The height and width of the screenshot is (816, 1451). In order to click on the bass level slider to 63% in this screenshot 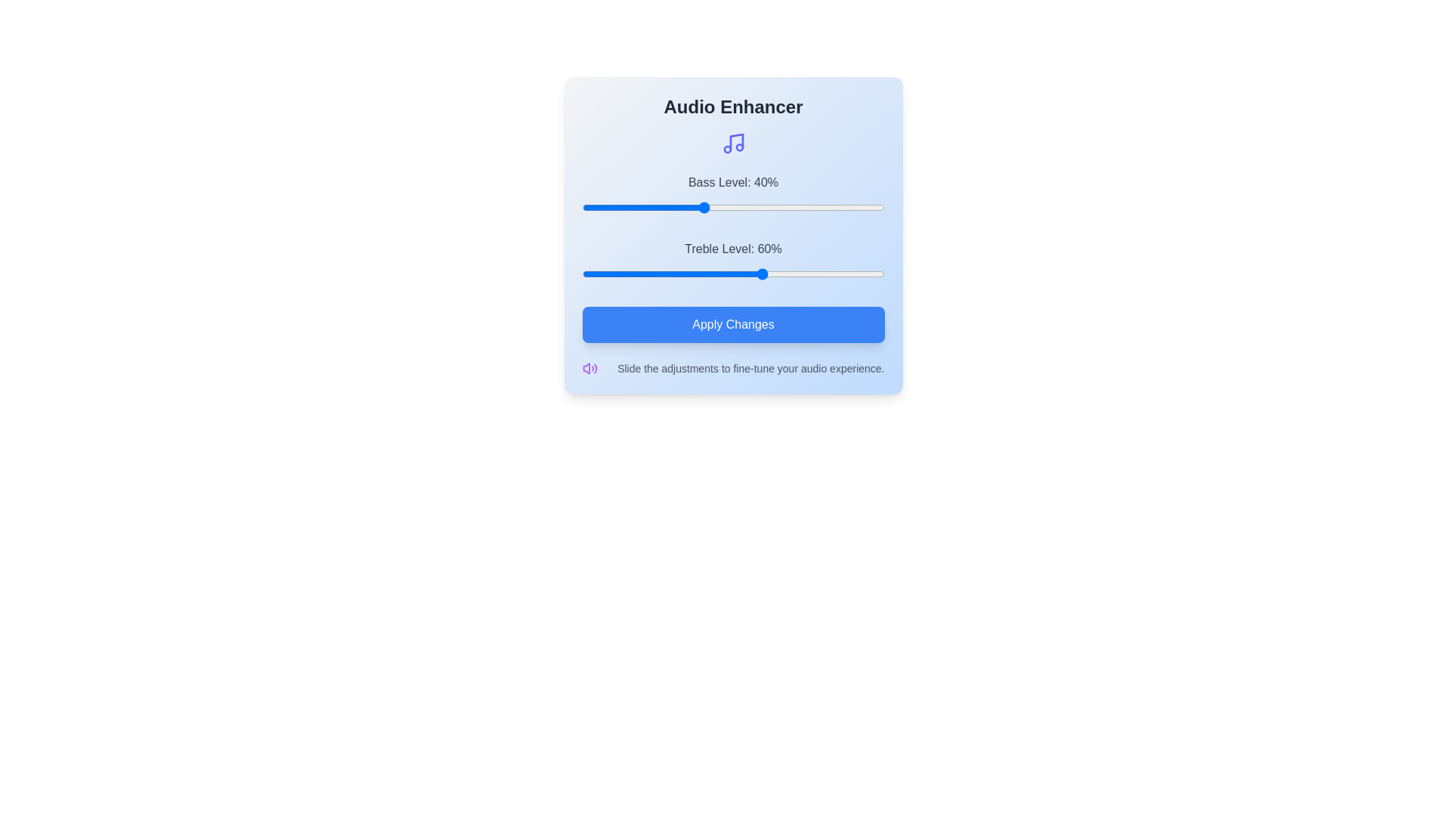, I will do `click(772, 207)`.